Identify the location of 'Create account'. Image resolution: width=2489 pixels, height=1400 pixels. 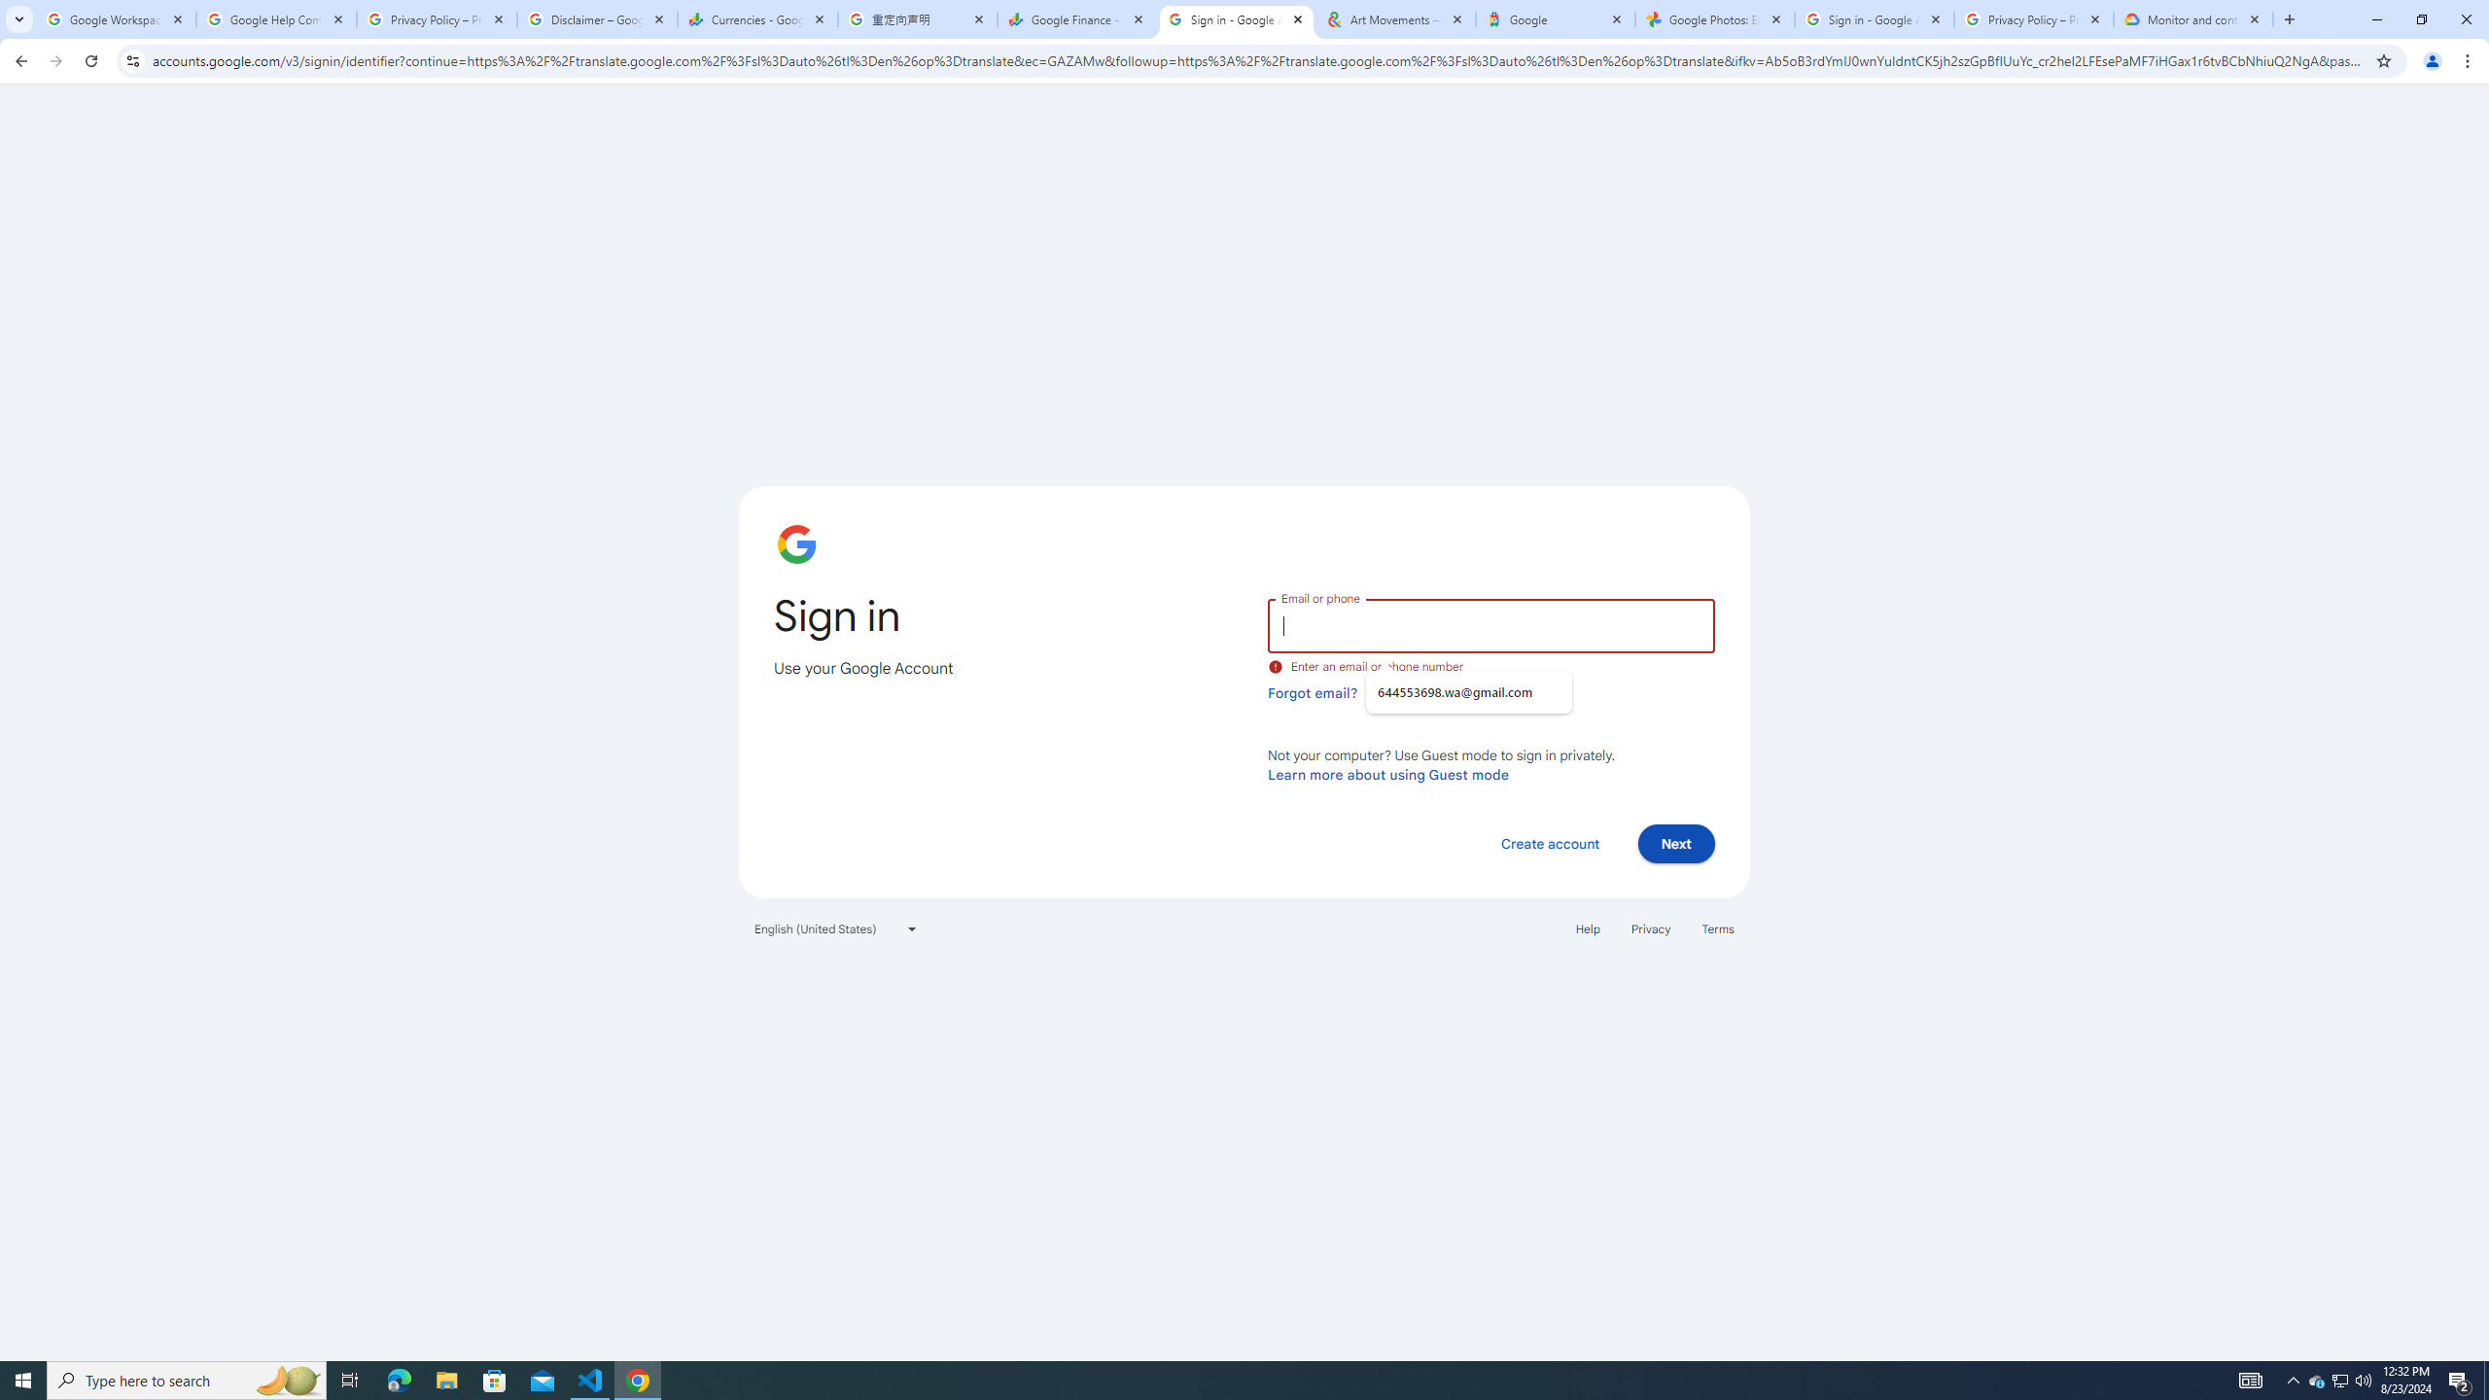
(1549, 842).